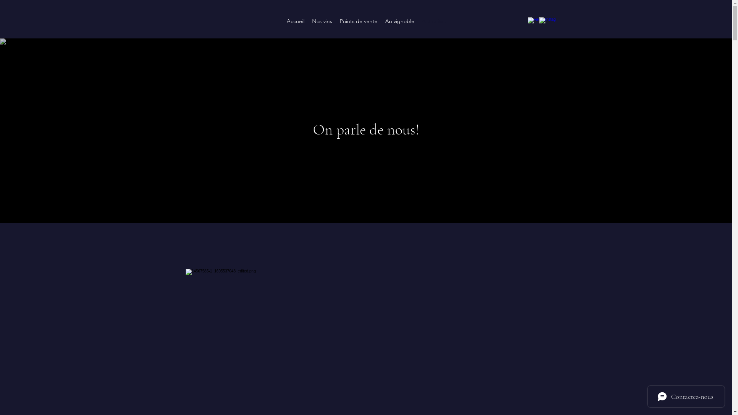 The width and height of the screenshot is (738, 415). Describe the element at coordinates (358, 20) in the screenshot. I see `'Points de vente'` at that location.